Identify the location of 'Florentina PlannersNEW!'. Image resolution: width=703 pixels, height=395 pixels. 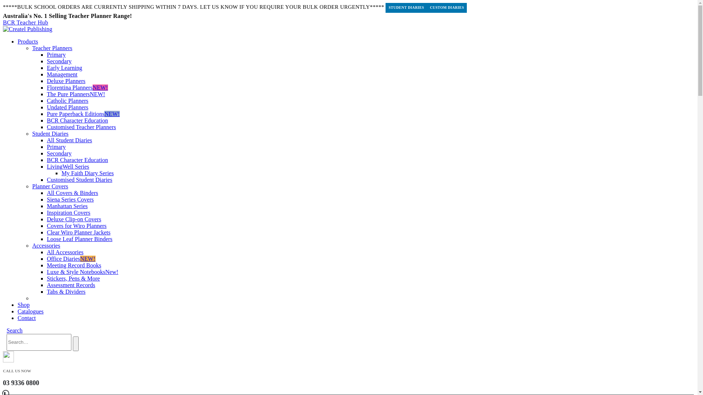
(47, 87).